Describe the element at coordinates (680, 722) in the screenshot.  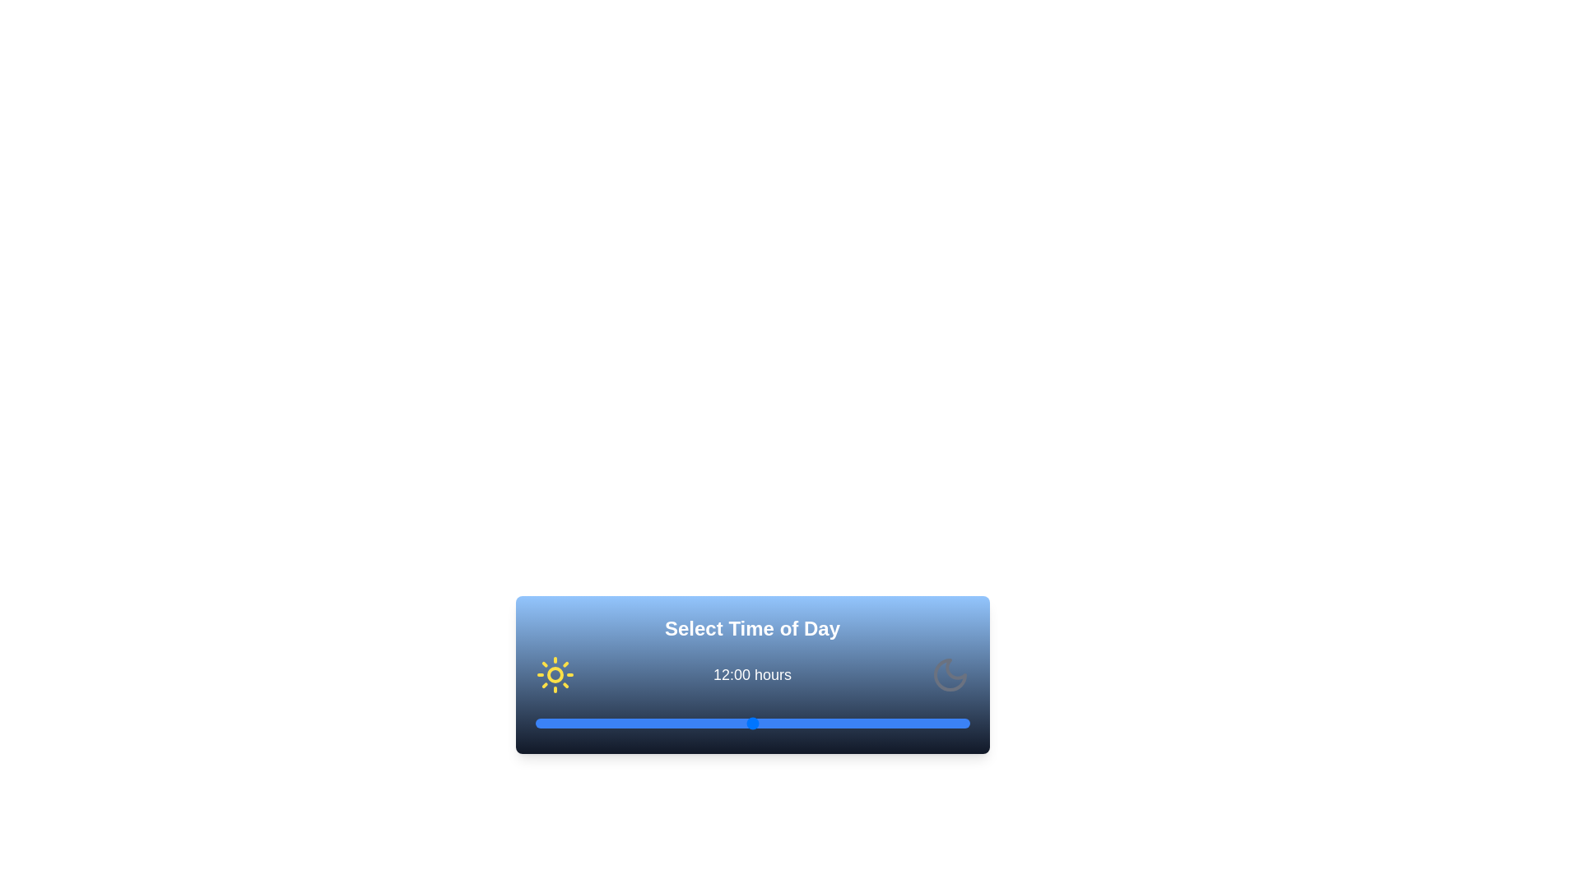
I see `the time to 8 hours using the slider` at that location.